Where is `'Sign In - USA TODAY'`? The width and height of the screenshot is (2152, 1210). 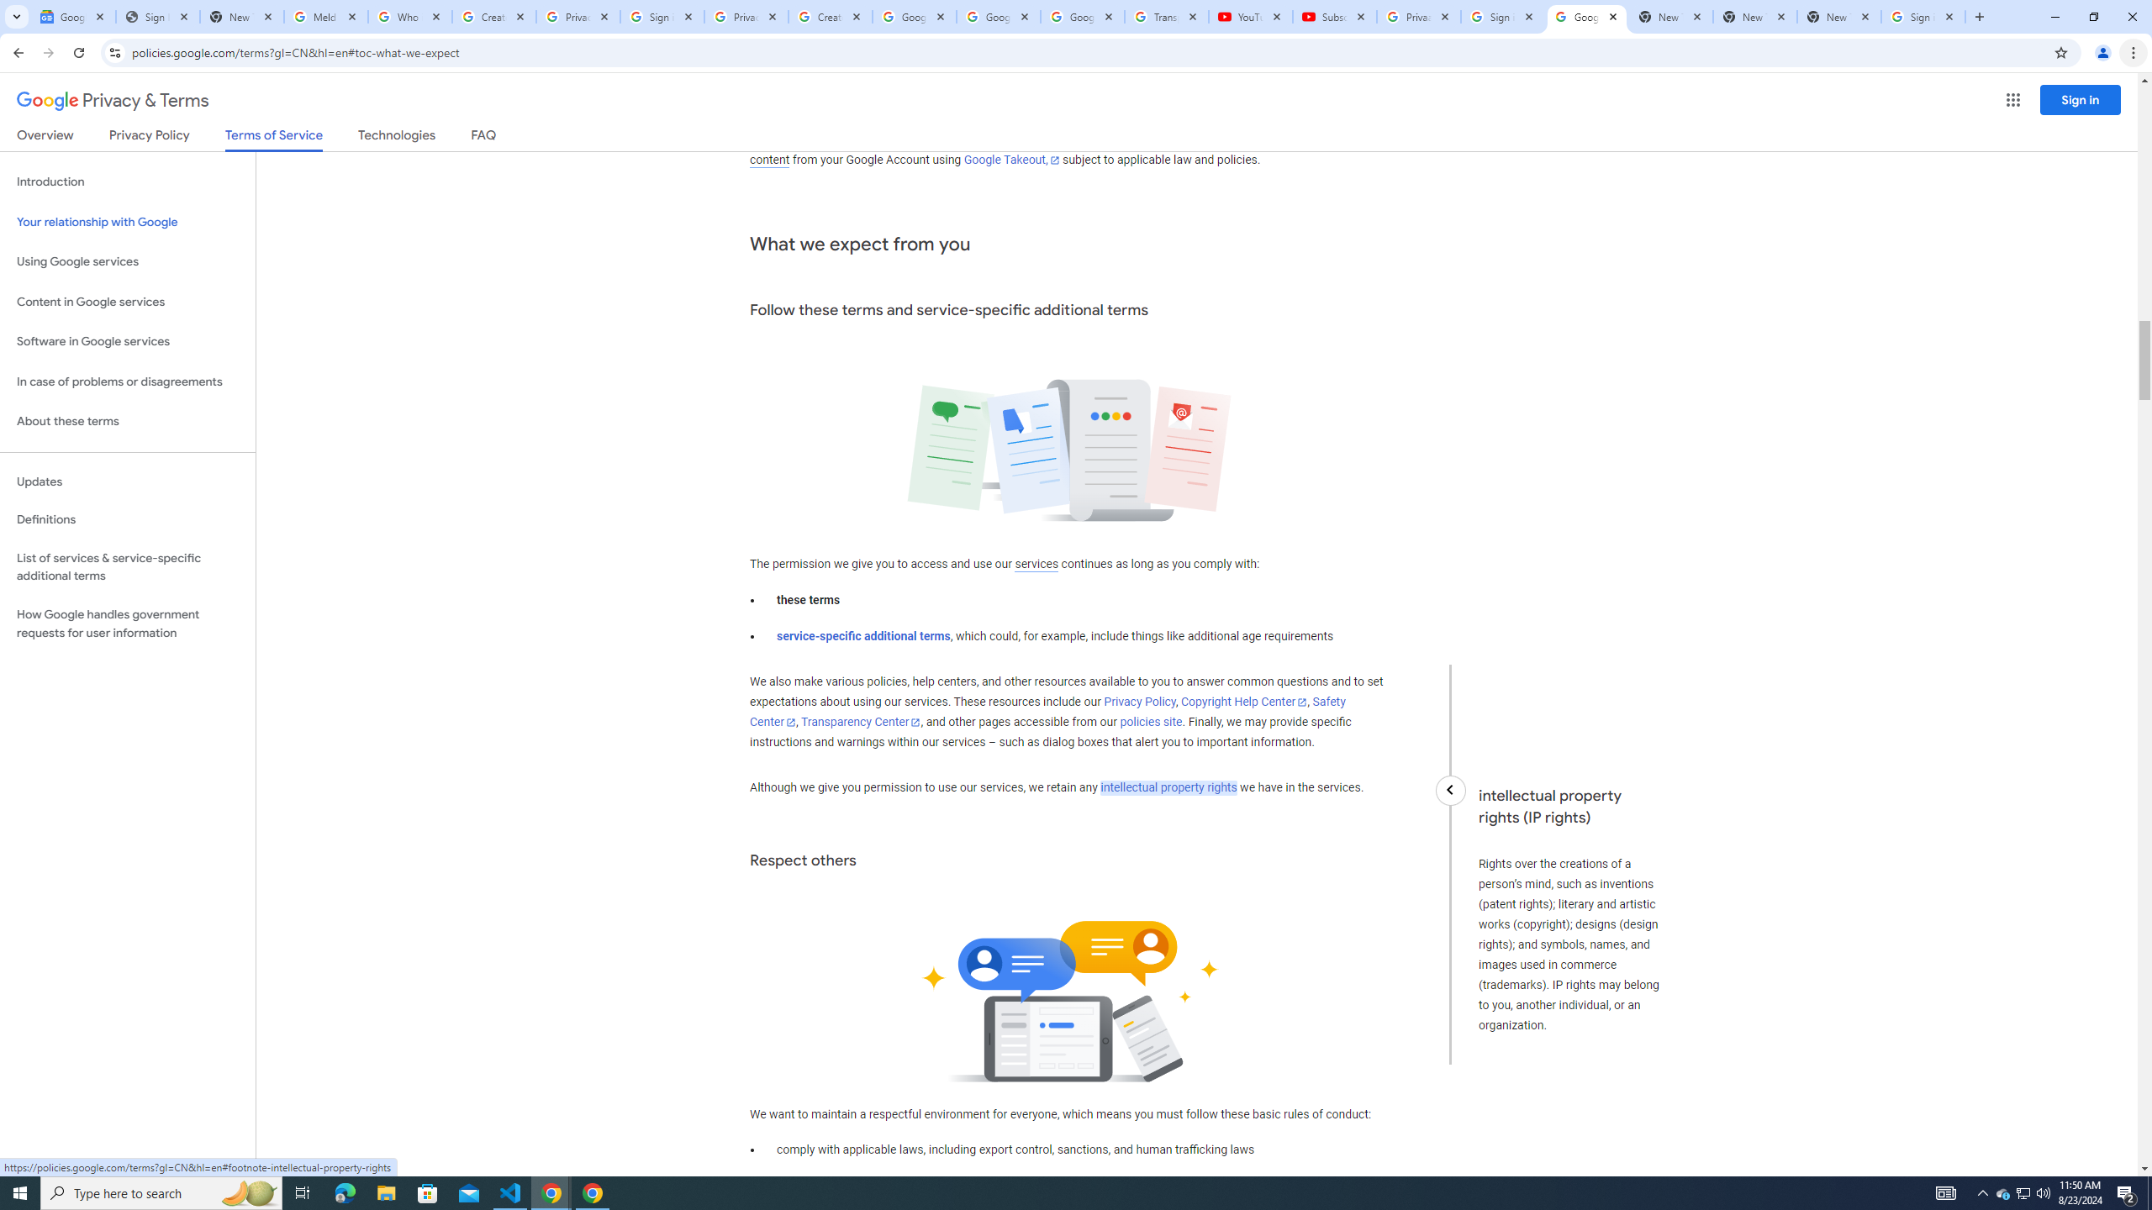 'Sign In - USA TODAY' is located at coordinates (156, 16).